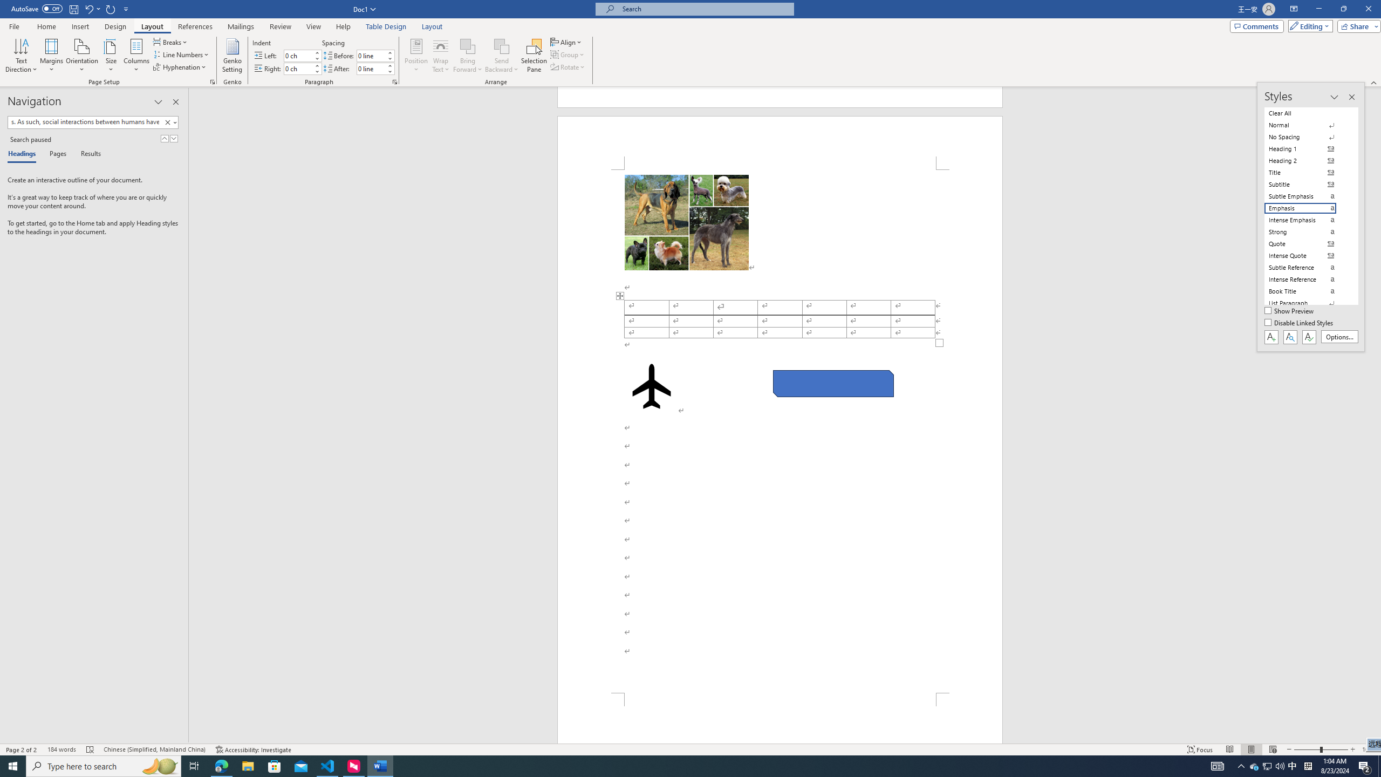 This screenshot has height=777, width=1381. I want to click on 'Bring Forward', so click(467, 45).